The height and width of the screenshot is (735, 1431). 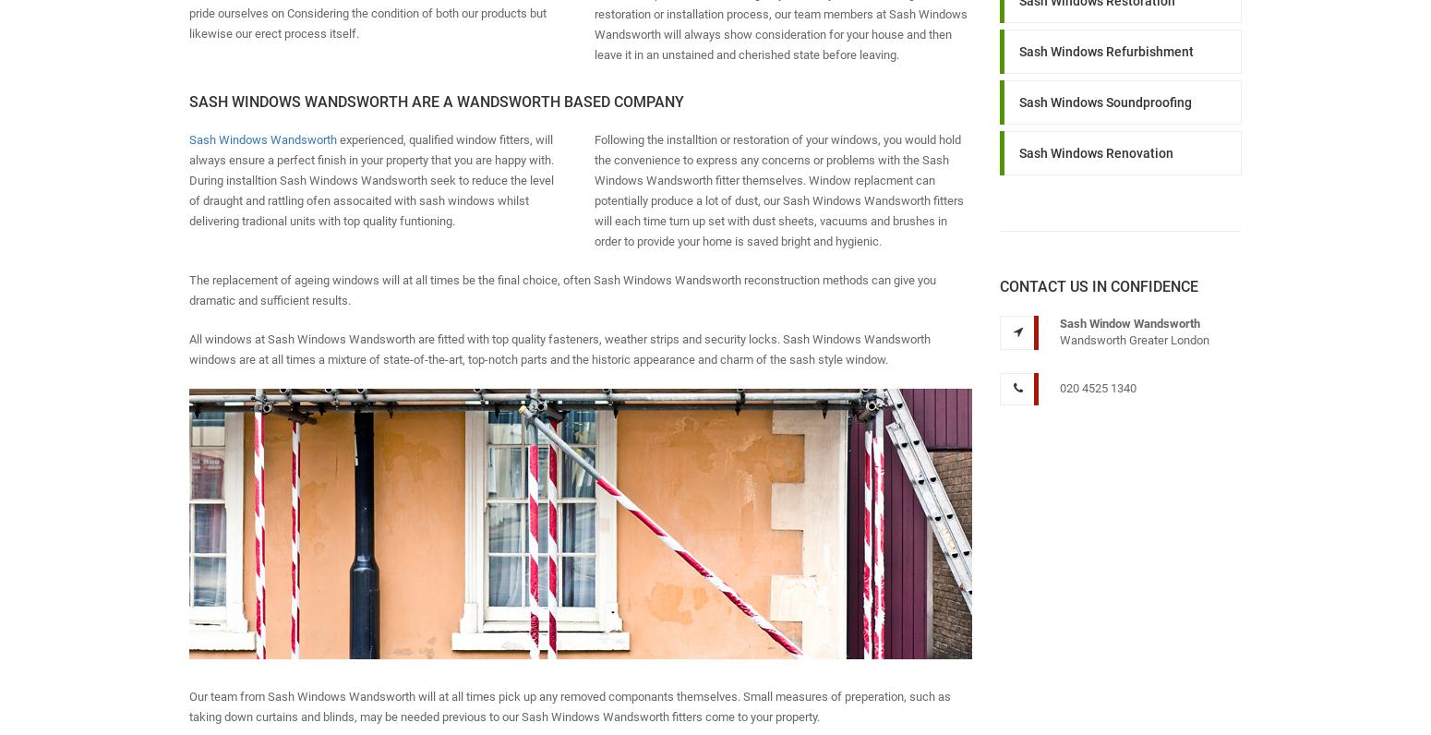 I want to click on 'Sash Window Wandsworth', so click(x=1128, y=321).